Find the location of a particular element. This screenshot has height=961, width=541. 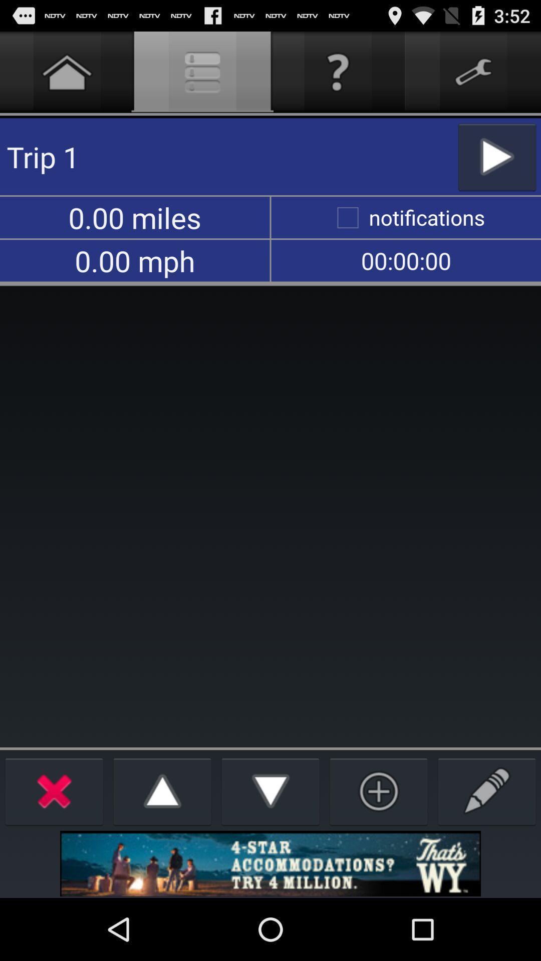

move screen down is located at coordinates (270, 790).